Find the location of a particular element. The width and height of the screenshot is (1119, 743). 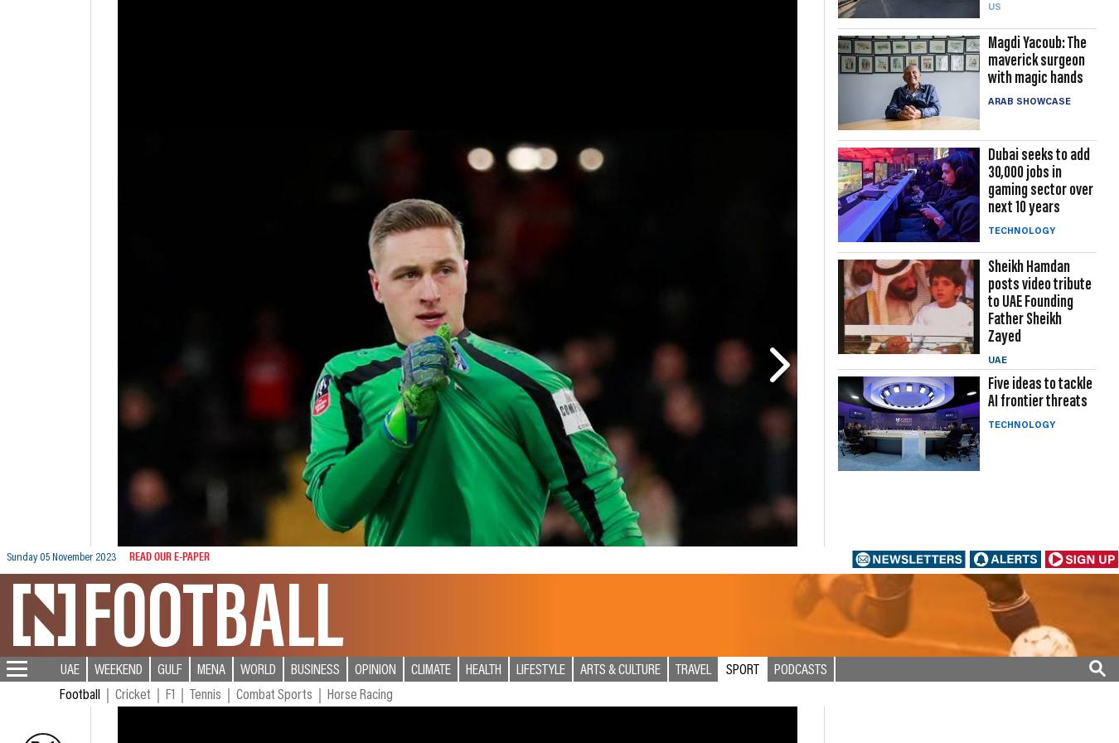

'Pocketful of Dirhams' is located at coordinates (1000, 691).